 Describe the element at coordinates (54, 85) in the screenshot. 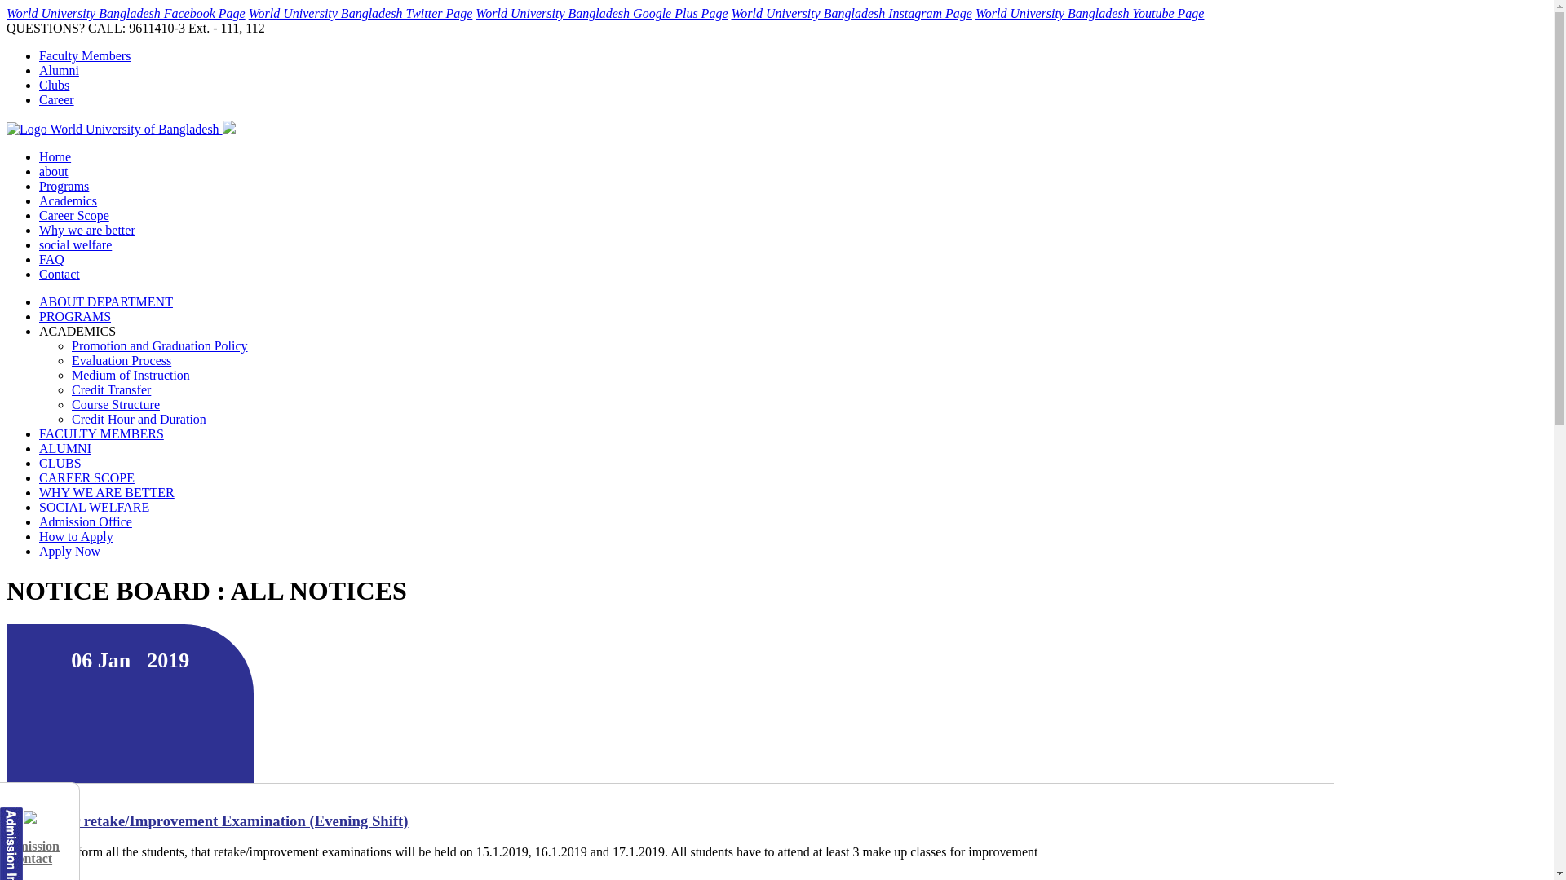

I see `'Clubs'` at that location.